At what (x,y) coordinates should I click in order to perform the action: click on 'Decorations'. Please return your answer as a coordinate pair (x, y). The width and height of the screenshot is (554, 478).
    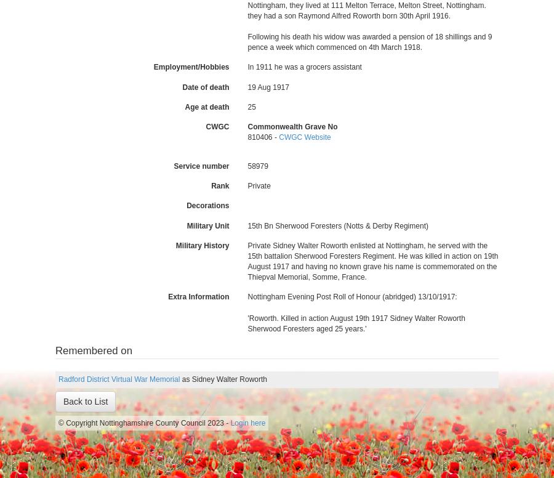
    Looking at the image, I should click on (207, 205).